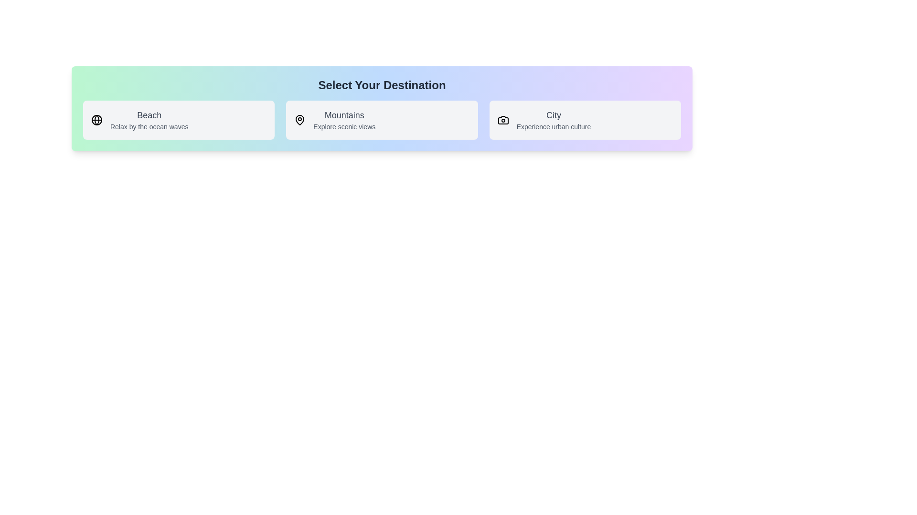 The image size is (917, 515). What do you see at coordinates (96, 119) in the screenshot?
I see `the middle part of the globe icon which is located to the left of the 'Beach' option in the 'Select Your Destination' interface` at bounding box center [96, 119].